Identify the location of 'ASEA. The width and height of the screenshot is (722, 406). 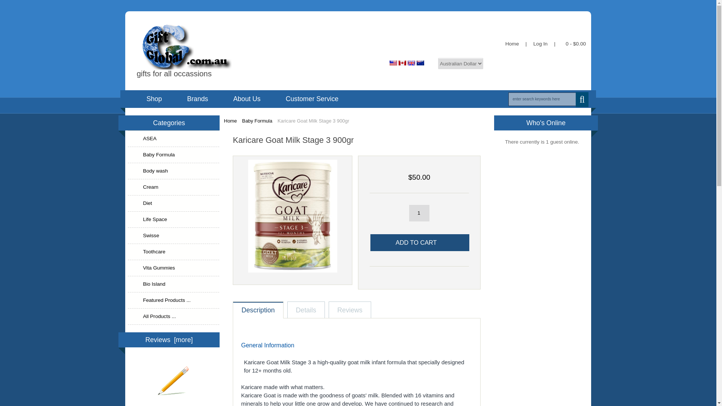
(173, 139).